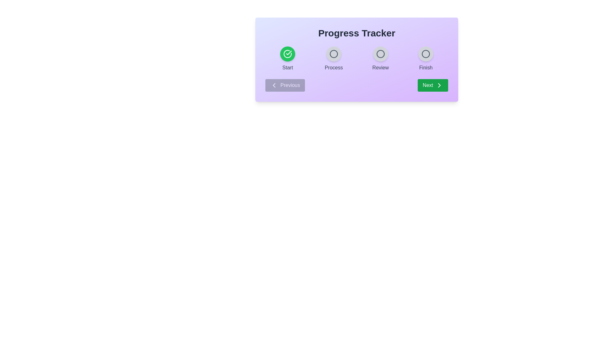 The width and height of the screenshot is (603, 339). I want to click on the left-pointing chevron icon located at the left edge of the 'Previous' button in the bottom-left corner of the tracker interface, so click(274, 85).